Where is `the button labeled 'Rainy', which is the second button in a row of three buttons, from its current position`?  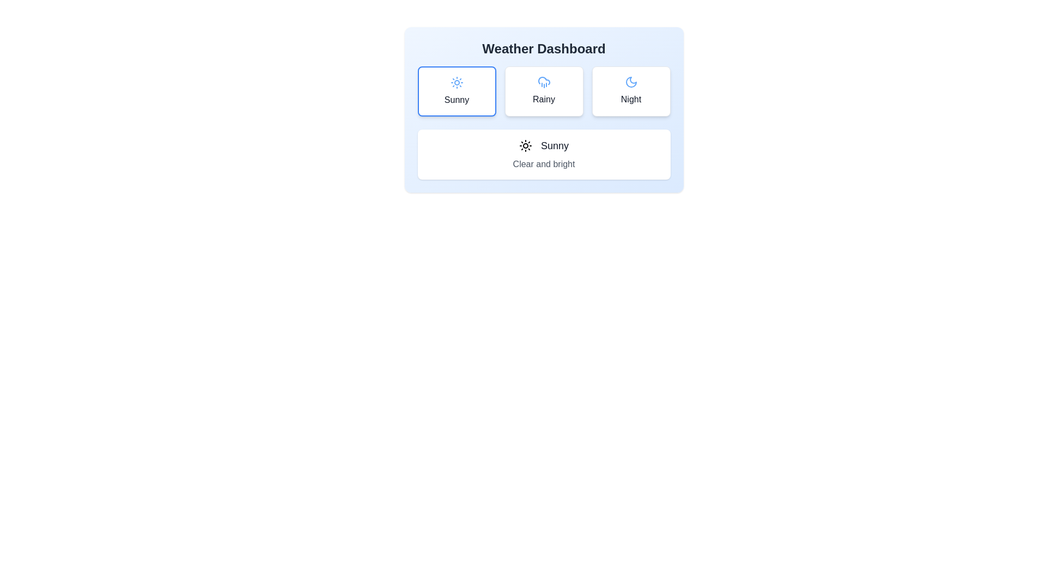 the button labeled 'Rainy', which is the second button in a row of three buttons, from its current position is located at coordinates (544, 91).